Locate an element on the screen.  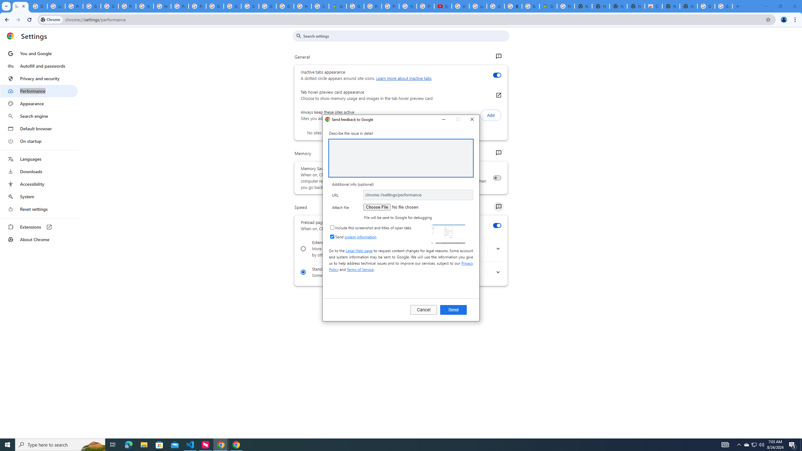
'About Chrome' is located at coordinates (39, 239).